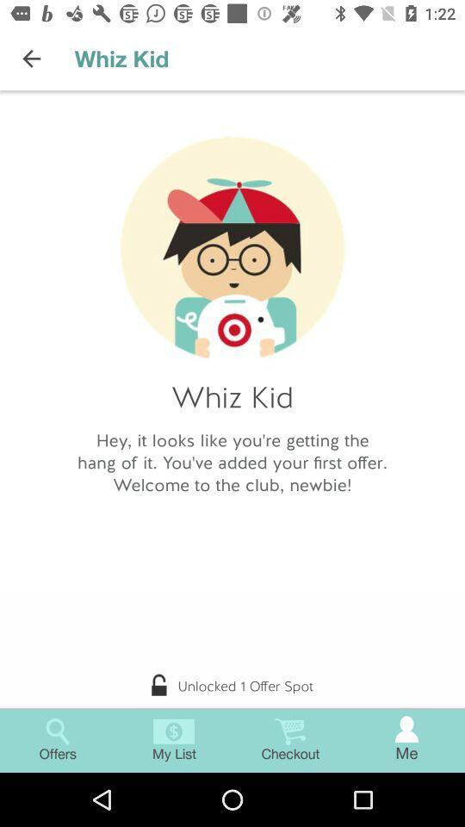  I want to click on icon to the left of the whiz kid, so click(31, 59).